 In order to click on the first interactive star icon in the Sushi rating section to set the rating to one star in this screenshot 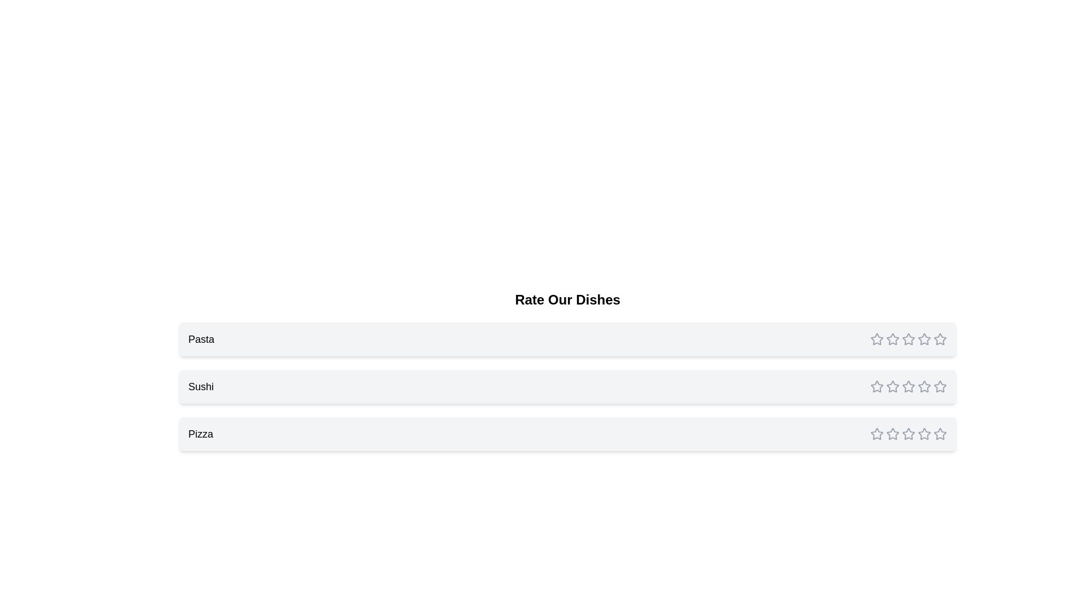, I will do `click(877, 338)`.